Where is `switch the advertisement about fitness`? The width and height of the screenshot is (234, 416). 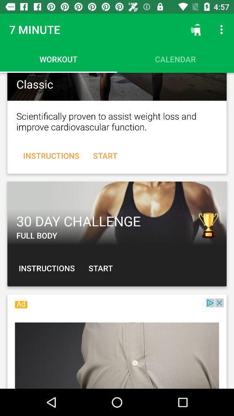
switch the advertisement about fitness is located at coordinates (117, 344).